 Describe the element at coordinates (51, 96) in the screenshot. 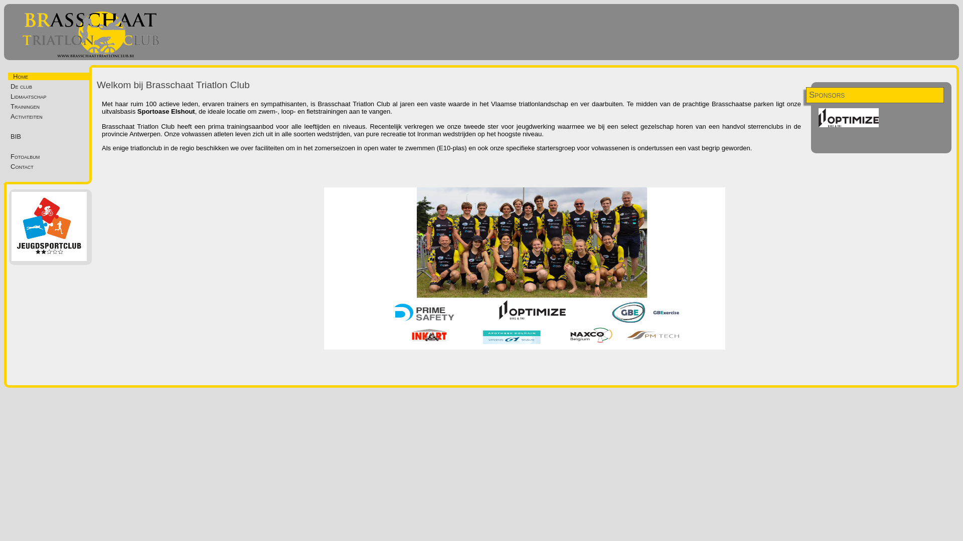

I see `'Lidmaatschap'` at that location.